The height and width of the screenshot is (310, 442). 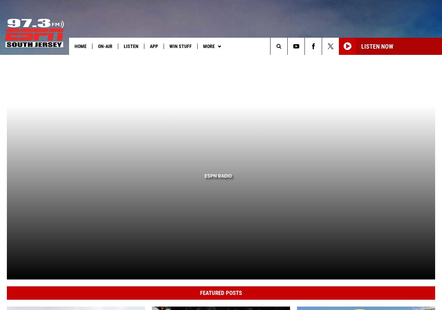 What do you see at coordinates (20, 60) in the screenshot?
I see `'Heard on Air:'` at bounding box center [20, 60].